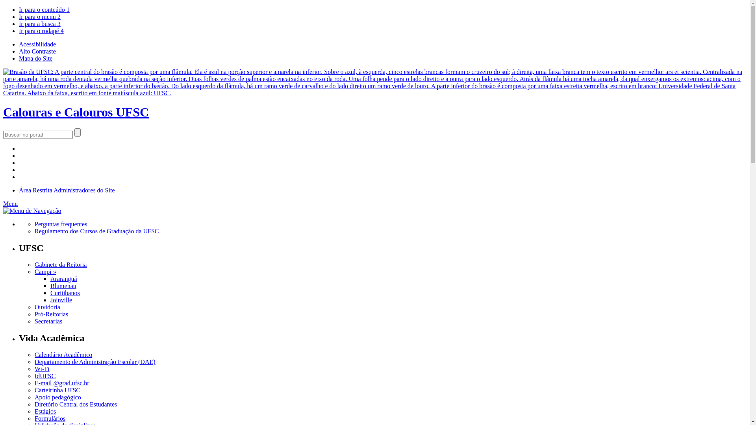 Image resolution: width=756 pixels, height=425 pixels. Describe the element at coordinates (39, 17) in the screenshot. I see `'Ir para o menu 2'` at that location.